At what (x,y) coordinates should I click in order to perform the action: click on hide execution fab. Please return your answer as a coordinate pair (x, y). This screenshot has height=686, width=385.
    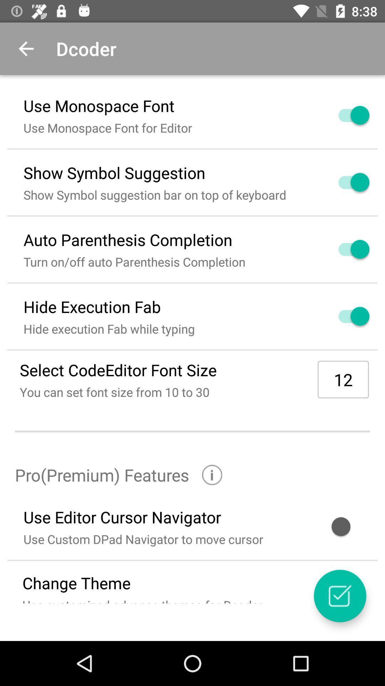
    Looking at the image, I should click on (345, 316).